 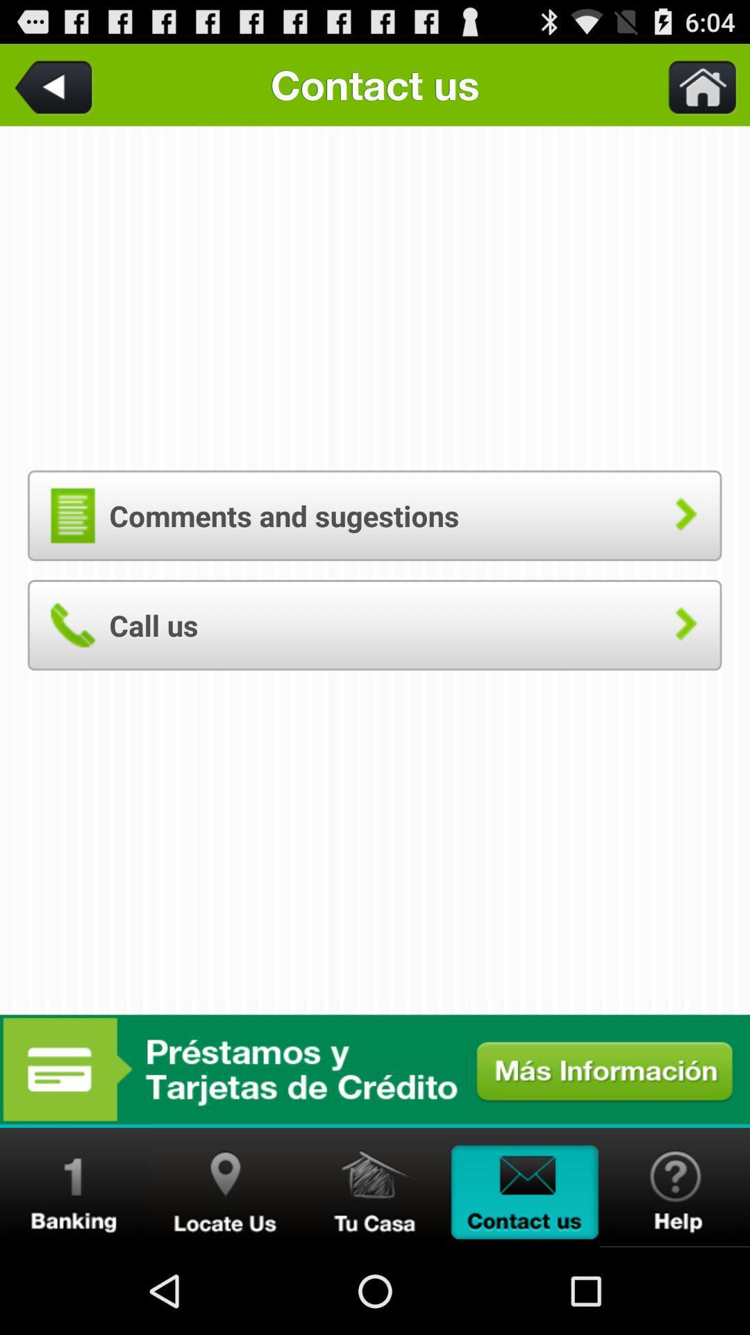 I want to click on icon below the comments and sugestions button, so click(x=374, y=624).